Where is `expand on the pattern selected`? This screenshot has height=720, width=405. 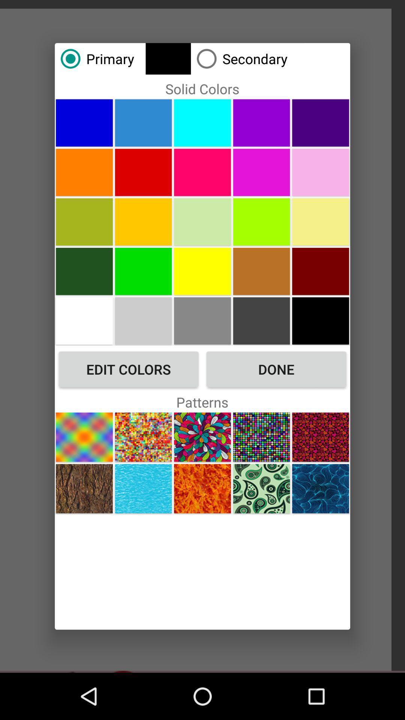
expand on the pattern selected is located at coordinates (202, 437).